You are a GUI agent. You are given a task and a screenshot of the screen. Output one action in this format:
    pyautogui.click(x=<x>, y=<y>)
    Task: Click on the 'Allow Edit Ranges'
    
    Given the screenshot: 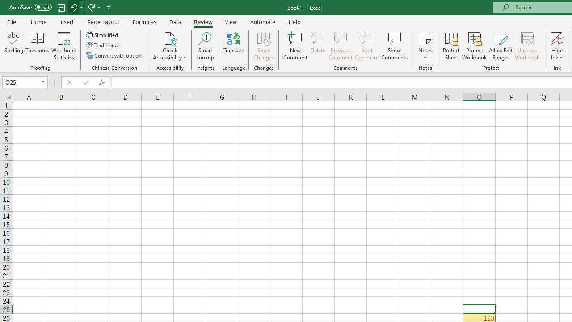 What is the action you would take?
    pyautogui.click(x=500, y=46)
    